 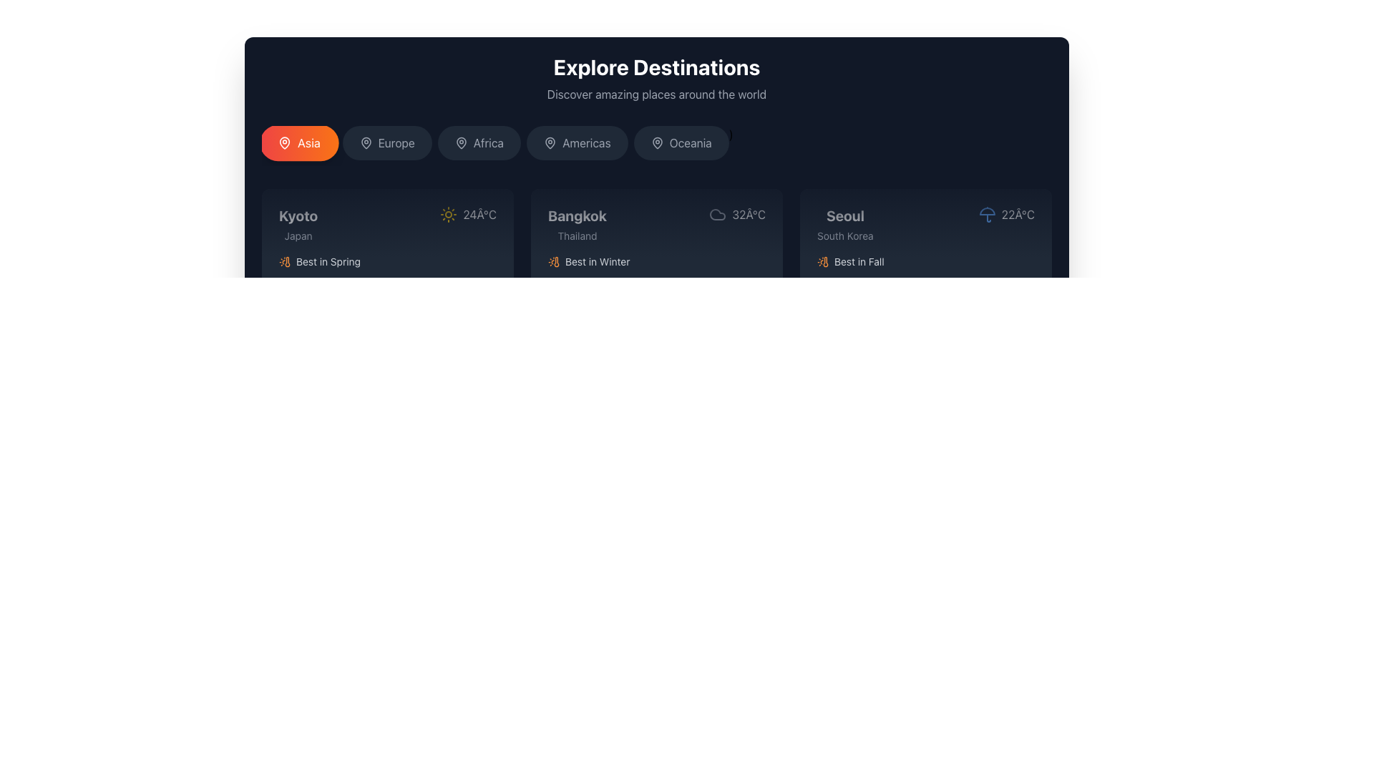 I want to click on the 'Americas' button, which is a rectangular button with rounded corners, dark gray background, and contains a map pin icon and white text centered within it, so click(x=577, y=143).